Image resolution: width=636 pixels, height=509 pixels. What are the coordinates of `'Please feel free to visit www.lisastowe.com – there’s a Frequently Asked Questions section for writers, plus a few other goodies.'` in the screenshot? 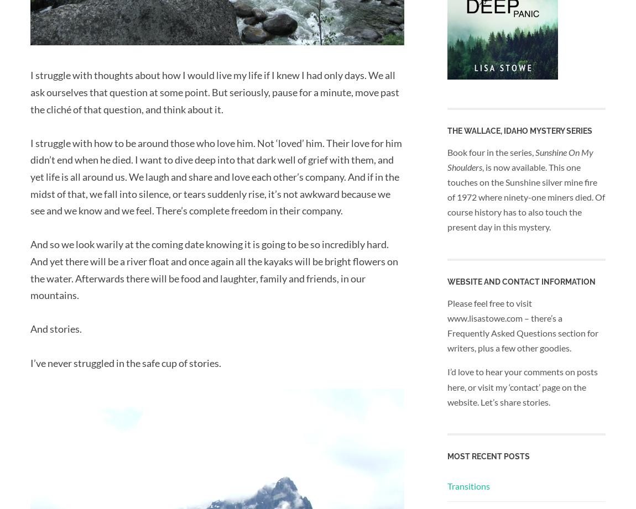 It's located at (523, 324).